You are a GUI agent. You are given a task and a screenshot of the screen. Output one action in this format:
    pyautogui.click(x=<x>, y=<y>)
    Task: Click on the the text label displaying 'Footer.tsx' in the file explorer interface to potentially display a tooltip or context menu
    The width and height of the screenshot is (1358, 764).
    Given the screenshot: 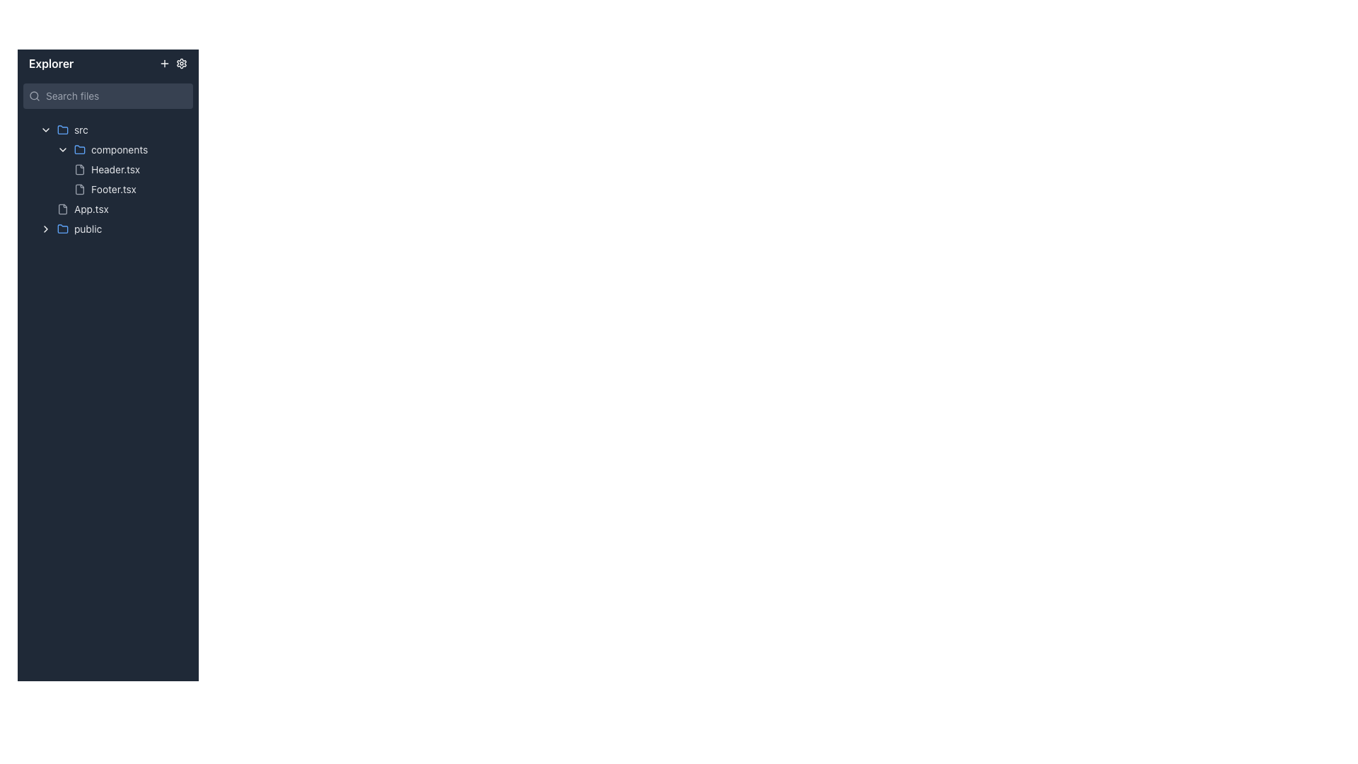 What is the action you would take?
    pyautogui.click(x=113, y=188)
    